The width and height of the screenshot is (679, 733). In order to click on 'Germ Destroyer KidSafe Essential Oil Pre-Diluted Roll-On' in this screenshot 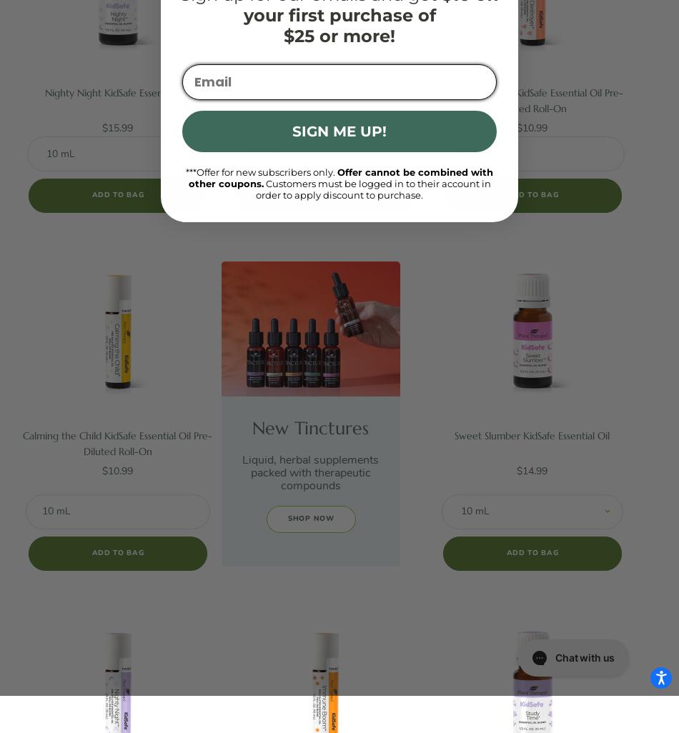, I will do `click(531, 100)`.